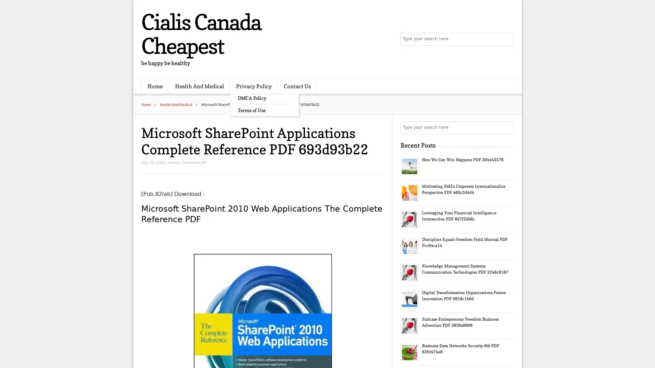  I want to click on Search, so click(507, 127).